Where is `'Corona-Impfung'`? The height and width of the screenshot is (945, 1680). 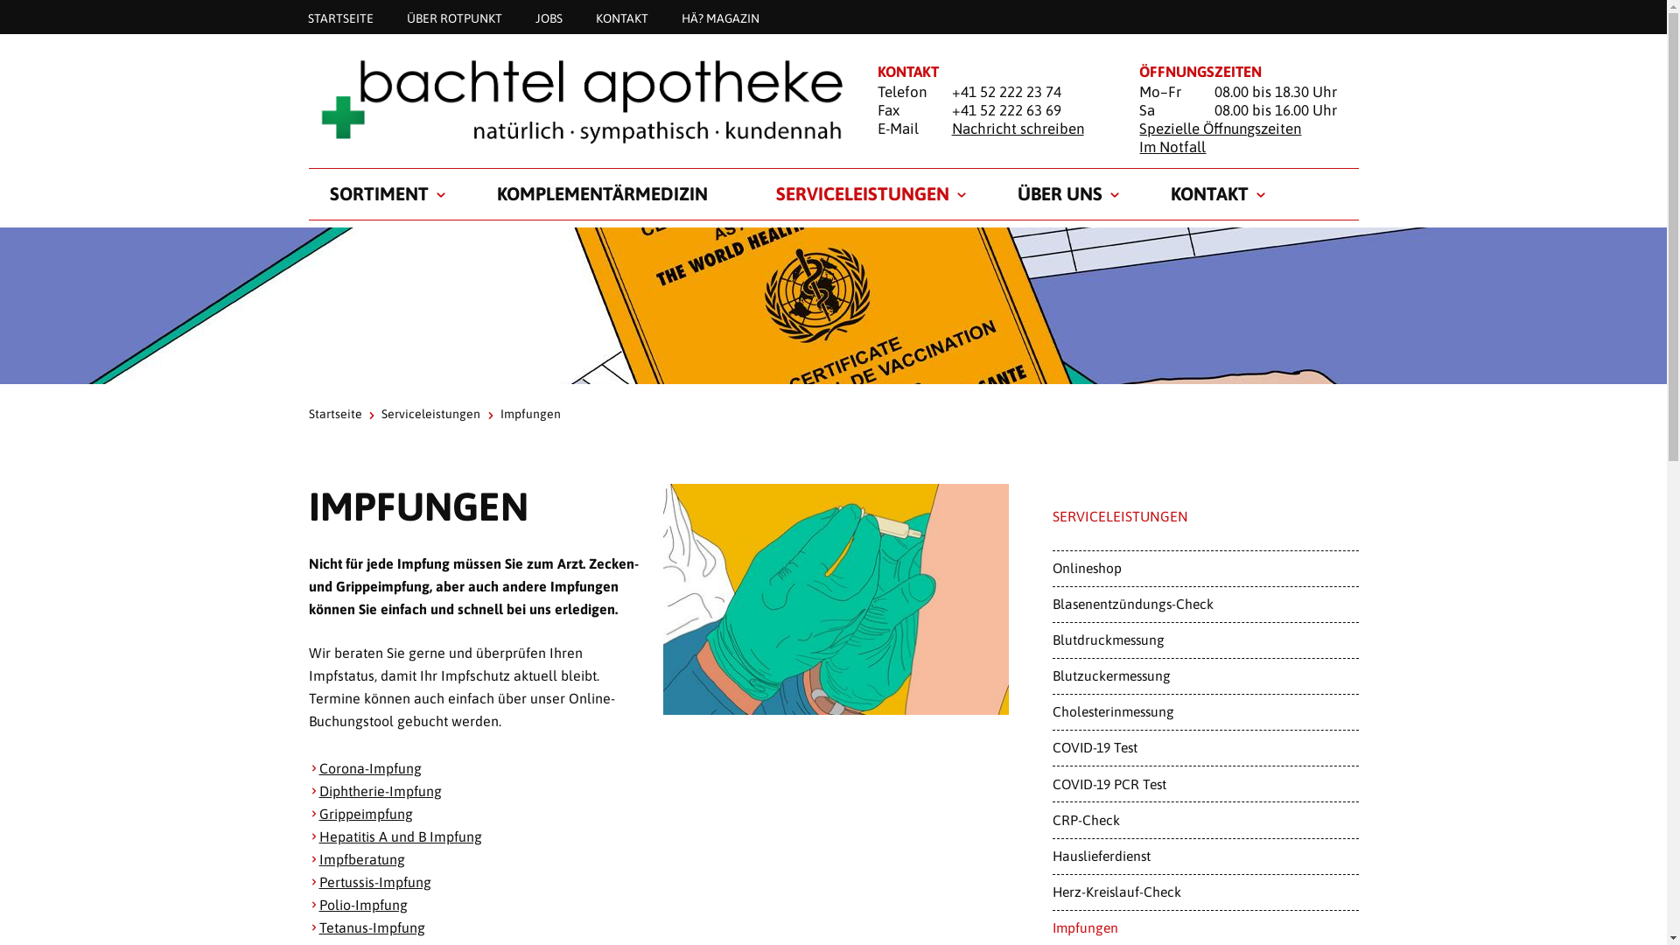
'Corona-Impfung' is located at coordinates (368, 767).